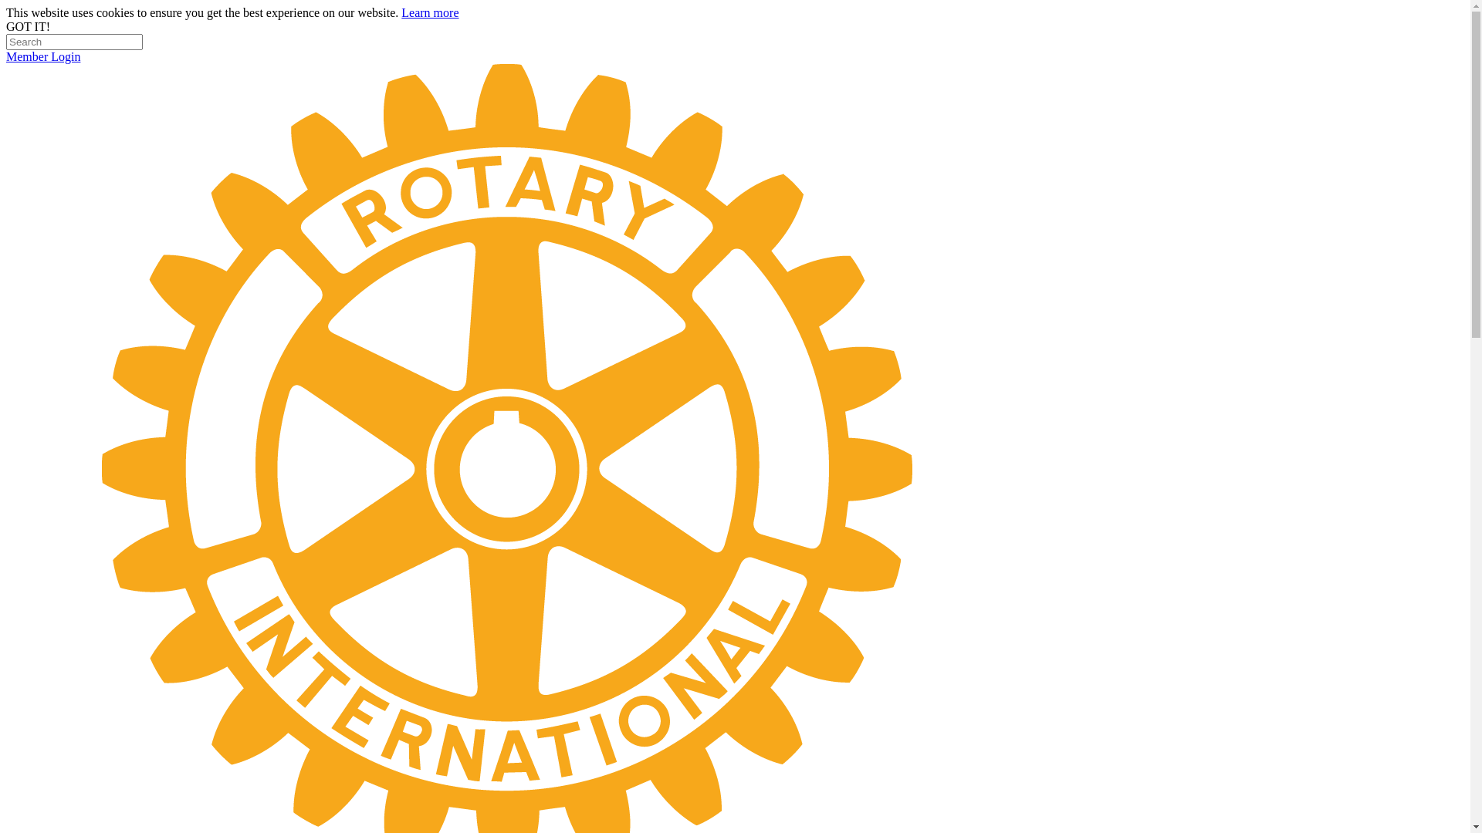 Image resolution: width=1482 pixels, height=833 pixels. Describe the element at coordinates (43, 56) in the screenshot. I see `'Member Login'` at that location.